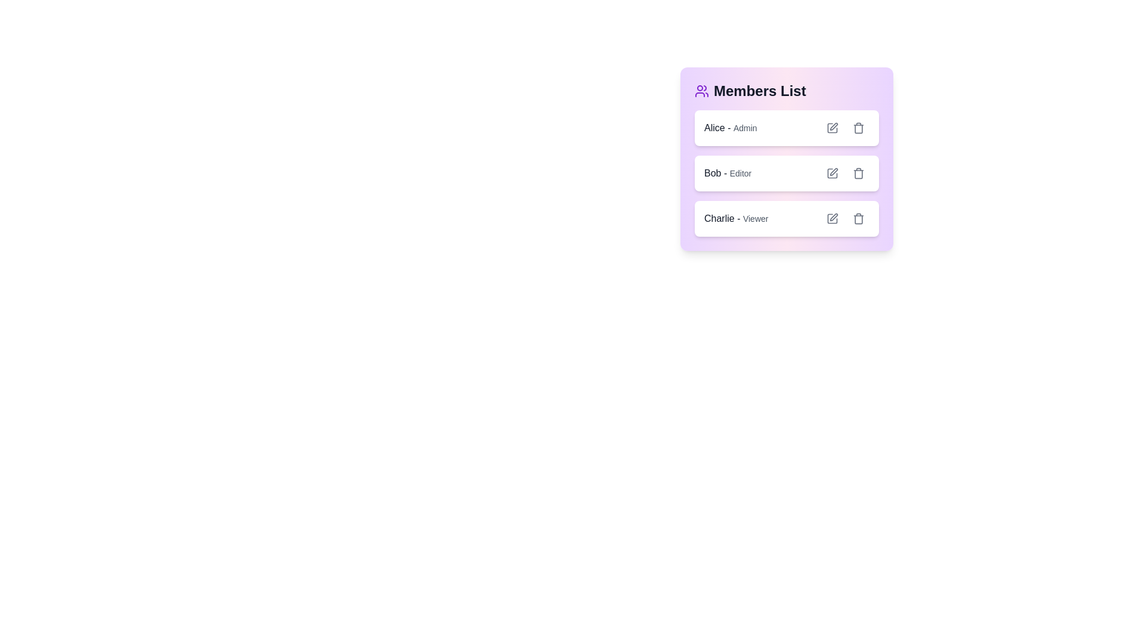  I want to click on delete button next to Bob to remove them from the list, so click(859, 173).